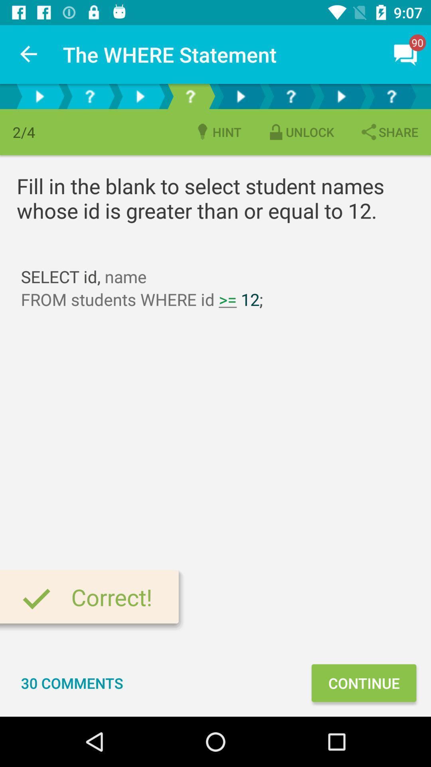 The width and height of the screenshot is (431, 767). I want to click on play icon above hint, so click(240, 96).